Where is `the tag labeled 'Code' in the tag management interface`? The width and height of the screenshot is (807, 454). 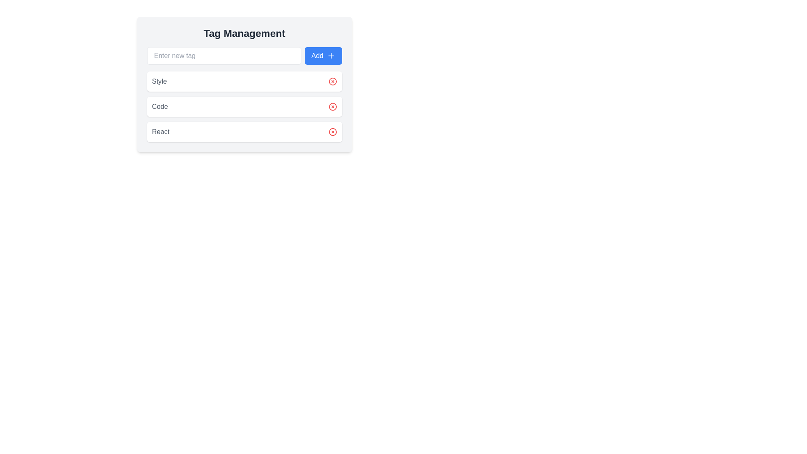 the tag labeled 'Code' in the tag management interface is located at coordinates (244, 106).